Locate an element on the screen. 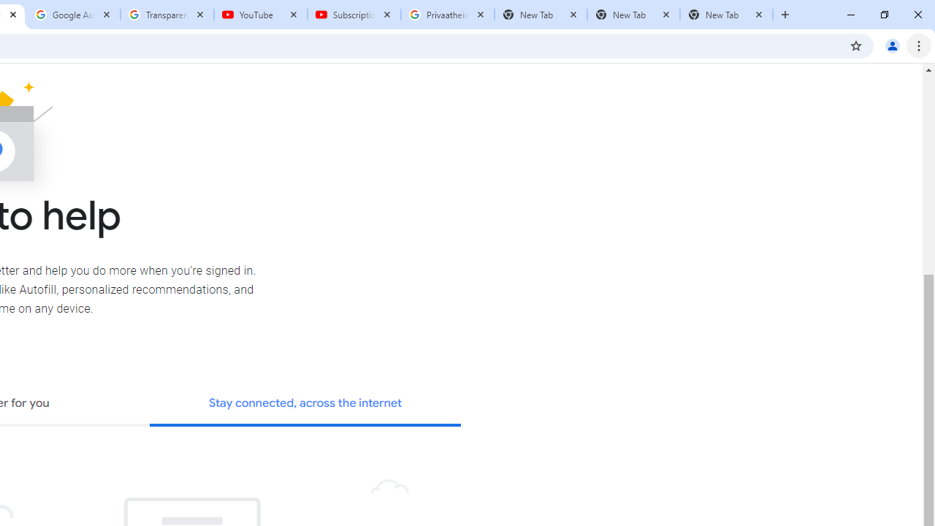 This screenshot has height=526, width=935. 'Google Account' is located at coordinates (73, 15).